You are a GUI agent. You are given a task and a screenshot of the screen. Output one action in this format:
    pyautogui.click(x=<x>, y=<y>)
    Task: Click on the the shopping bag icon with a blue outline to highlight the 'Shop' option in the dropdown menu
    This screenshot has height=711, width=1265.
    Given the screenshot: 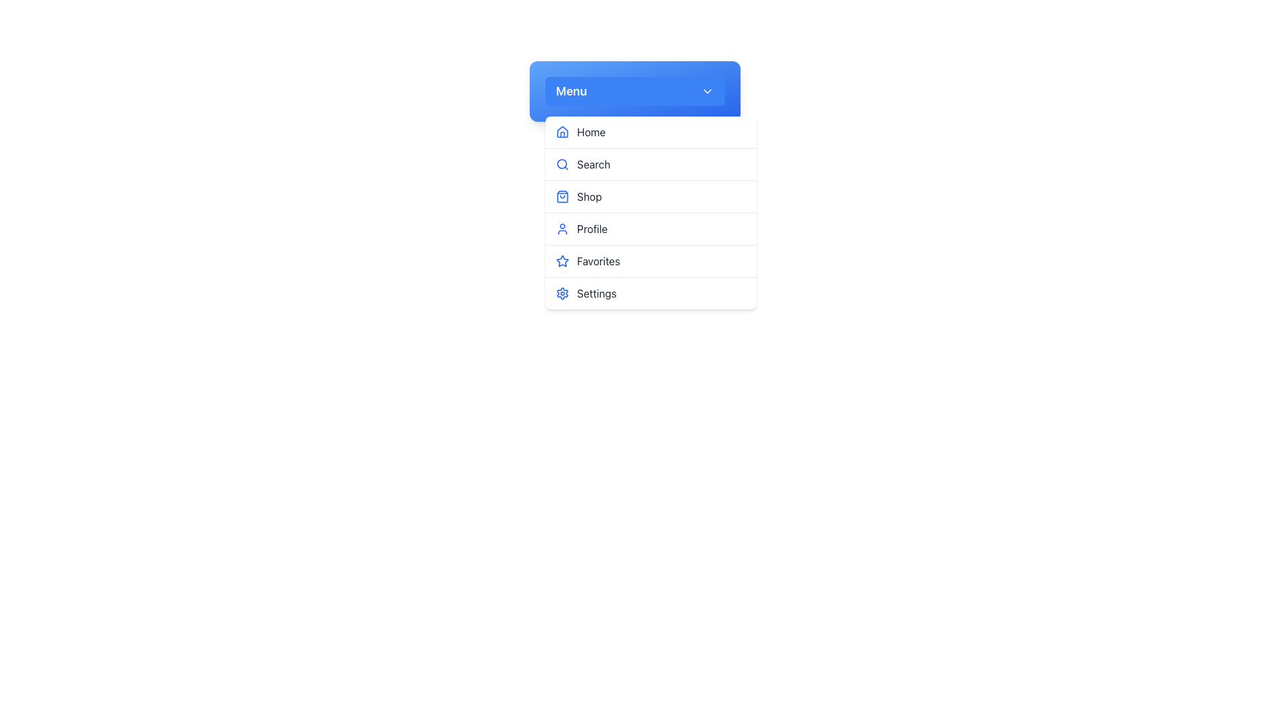 What is the action you would take?
    pyautogui.click(x=563, y=197)
    